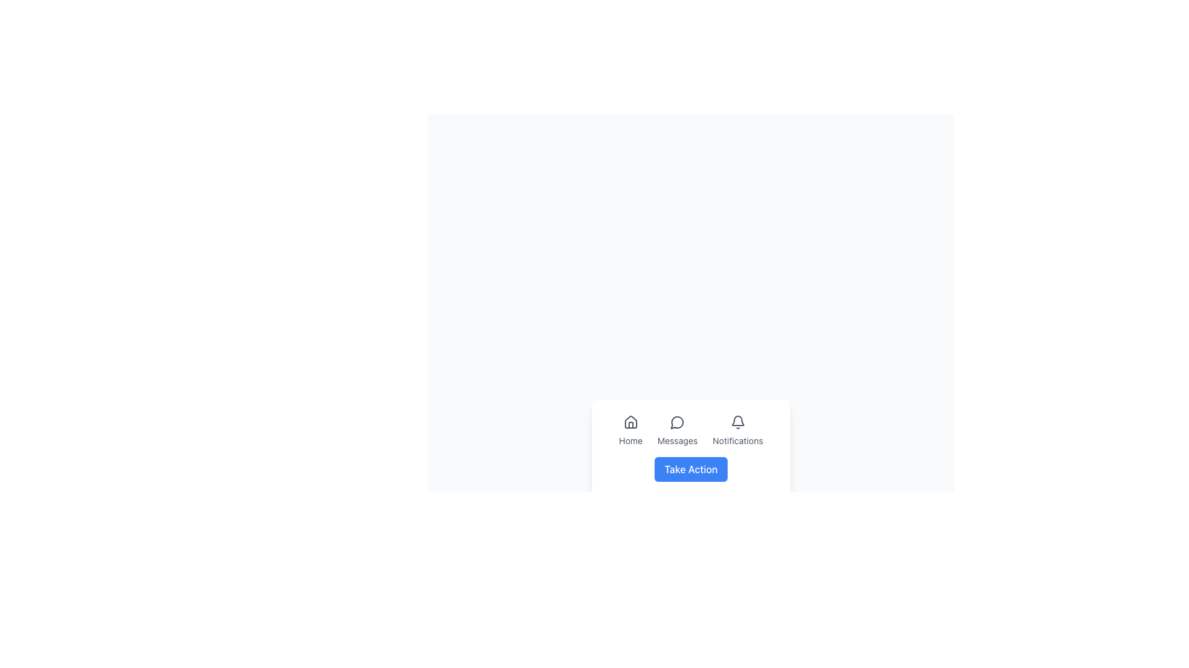  I want to click on the 'Messages' text label in the navigation menu, which serves as an informational label for the associated icon below it, so click(677, 440).